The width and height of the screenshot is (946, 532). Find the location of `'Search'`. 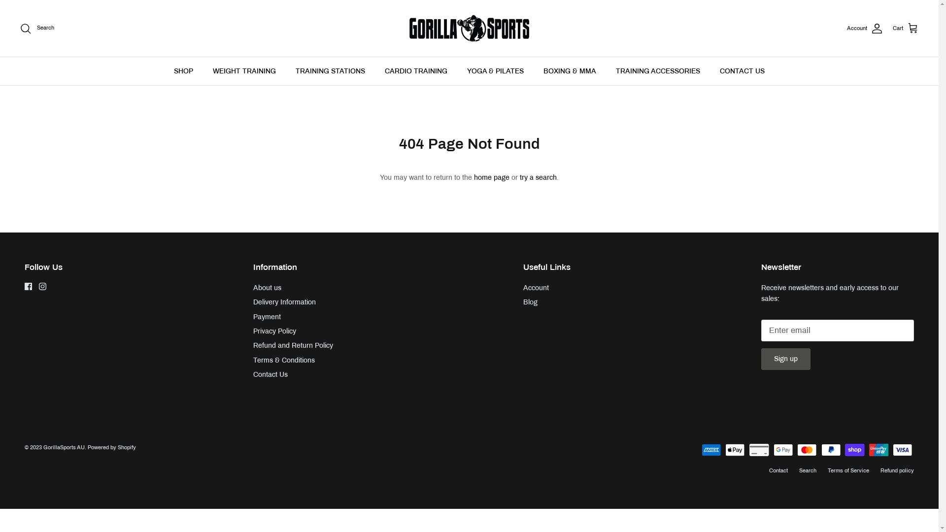

'Search' is located at coordinates (808, 470).